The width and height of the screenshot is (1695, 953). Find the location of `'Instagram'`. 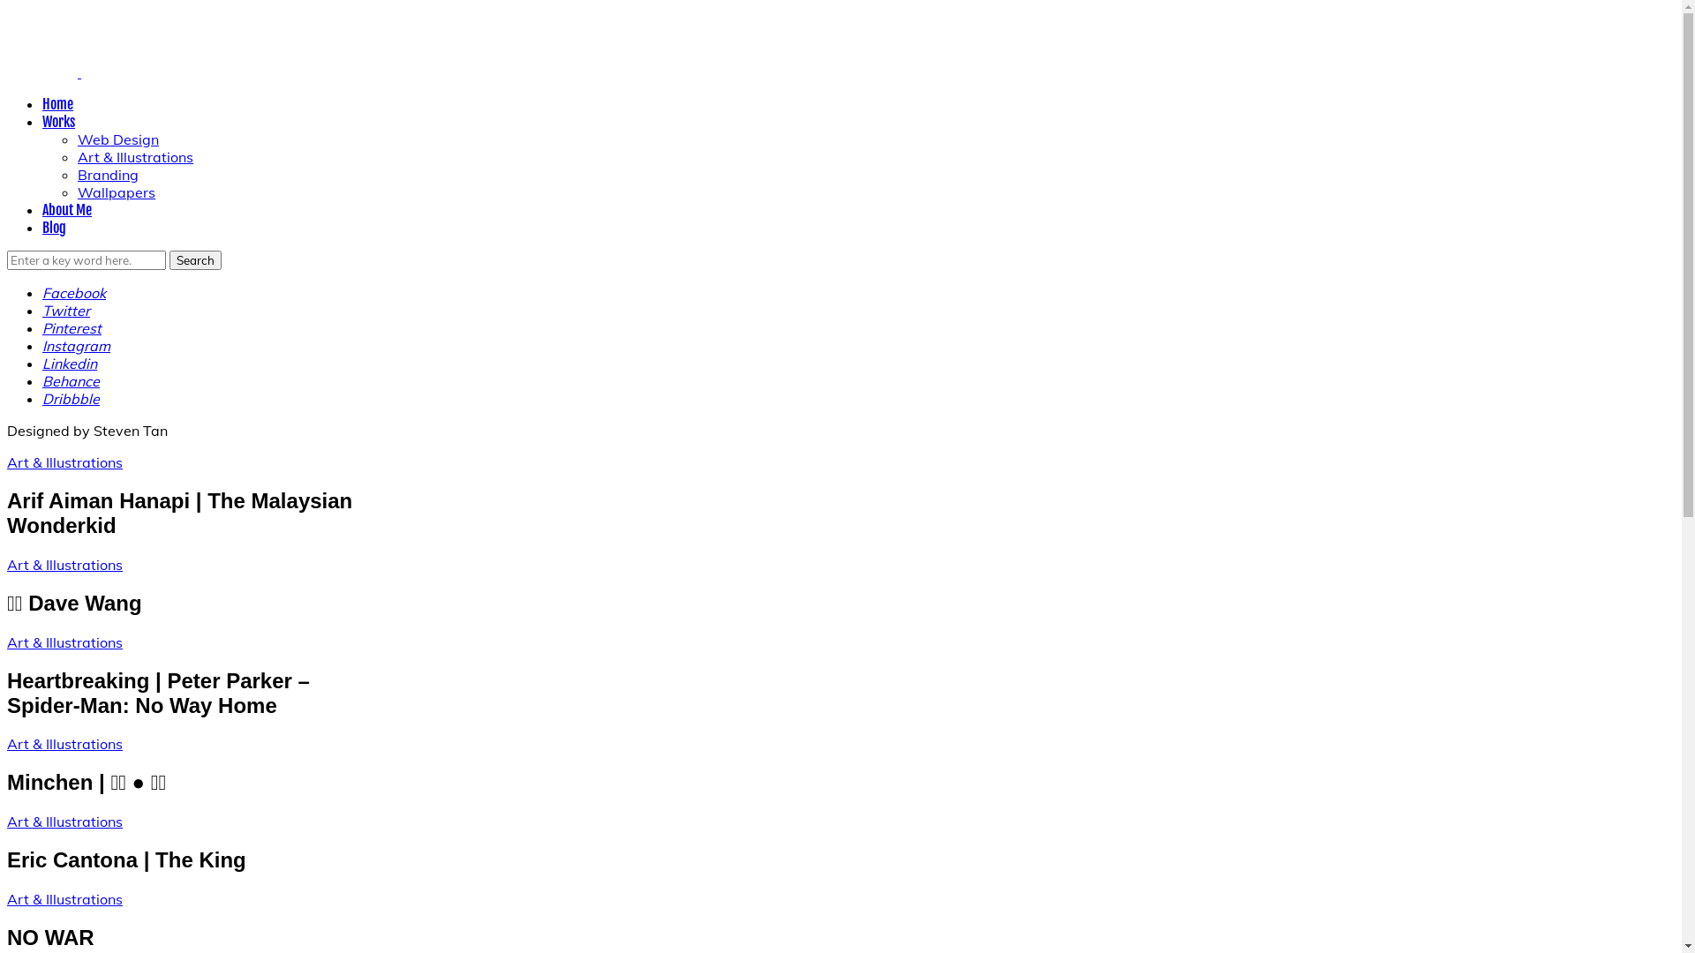

'Instagram' is located at coordinates (42, 346).